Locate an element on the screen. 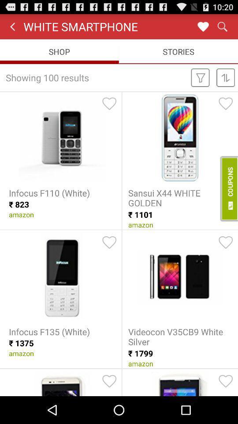 Image resolution: width=238 pixels, height=424 pixels. to mark it favorite is located at coordinates (109, 381).